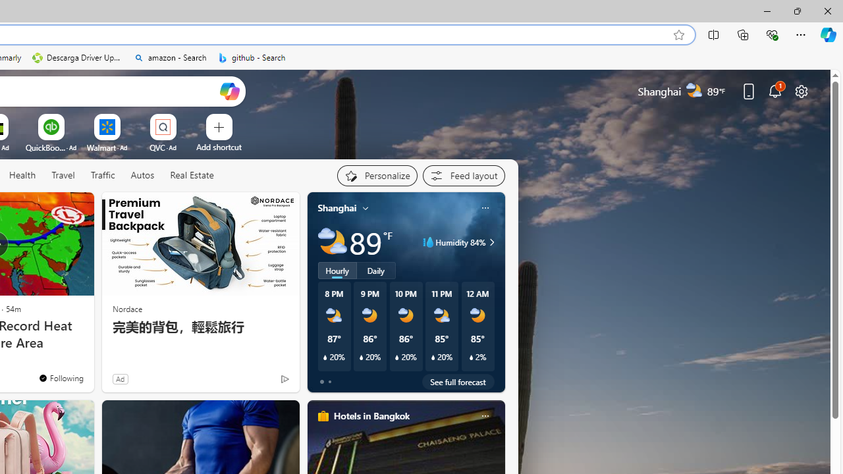 The height and width of the screenshot is (474, 843). What do you see at coordinates (142, 174) in the screenshot?
I see `'Autos'` at bounding box center [142, 174].